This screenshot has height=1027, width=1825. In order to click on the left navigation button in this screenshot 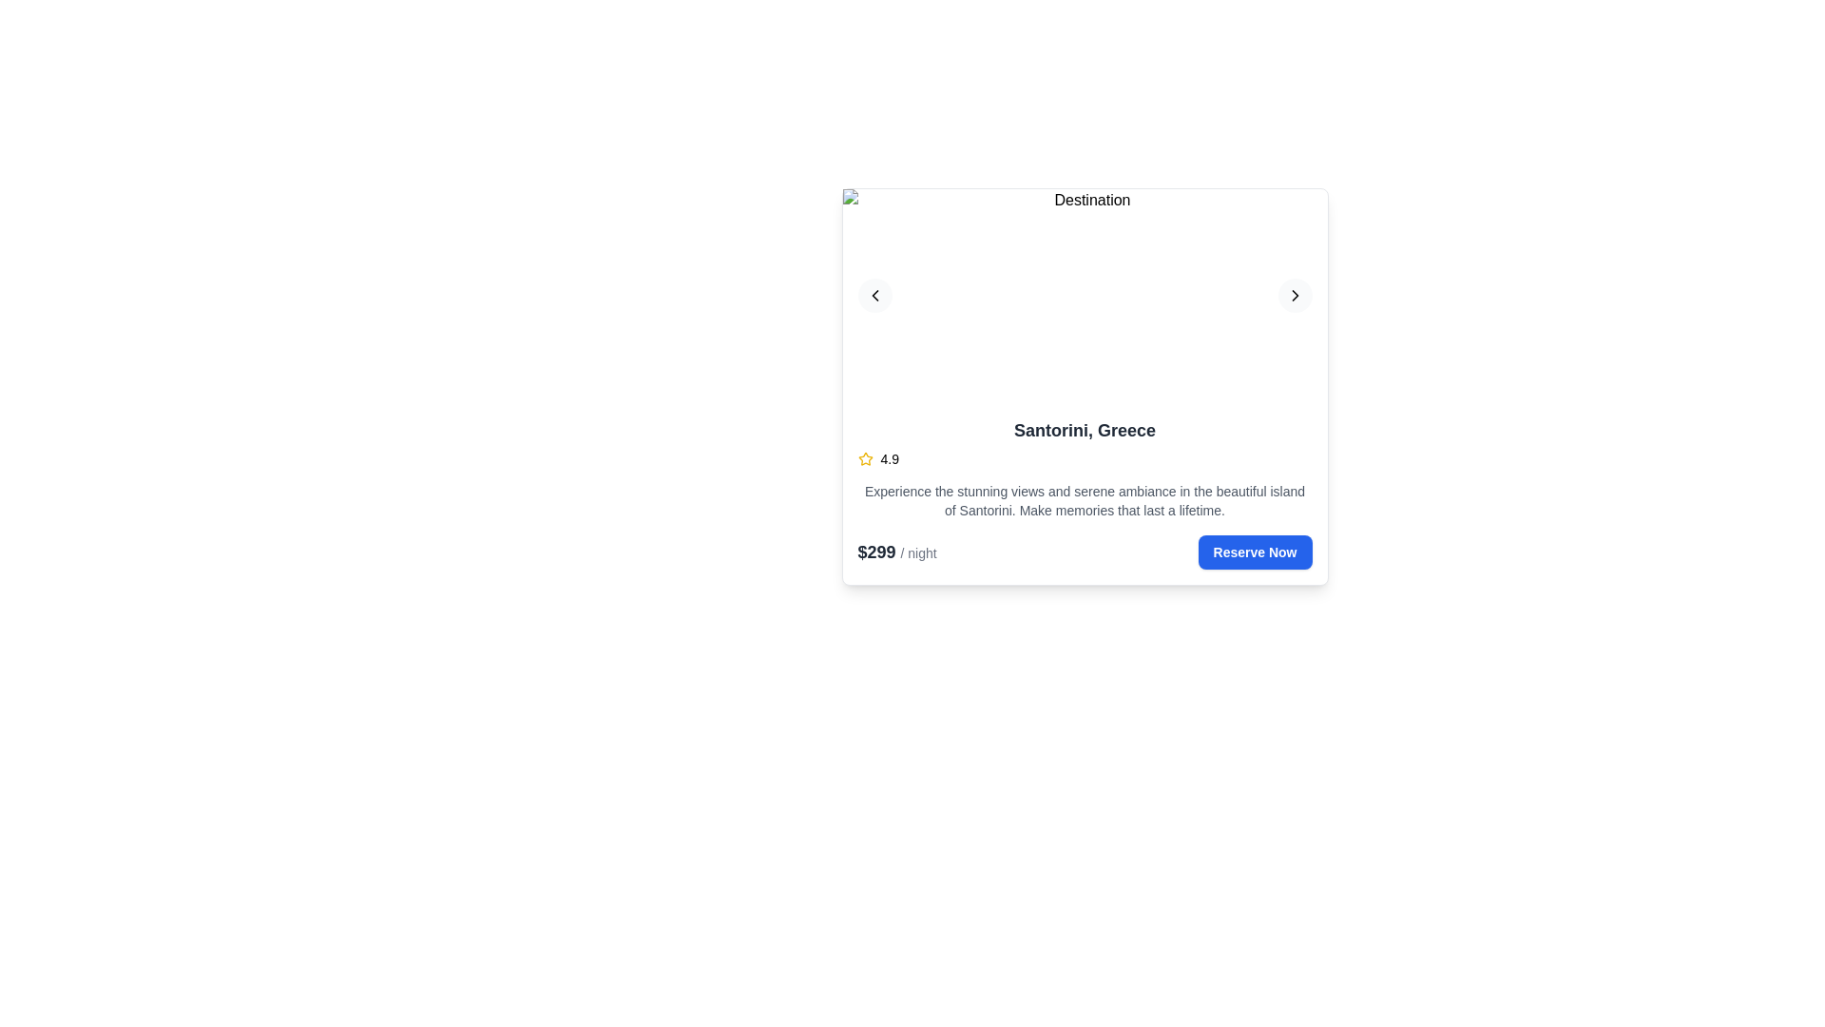, I will do `click(874, 296)`.